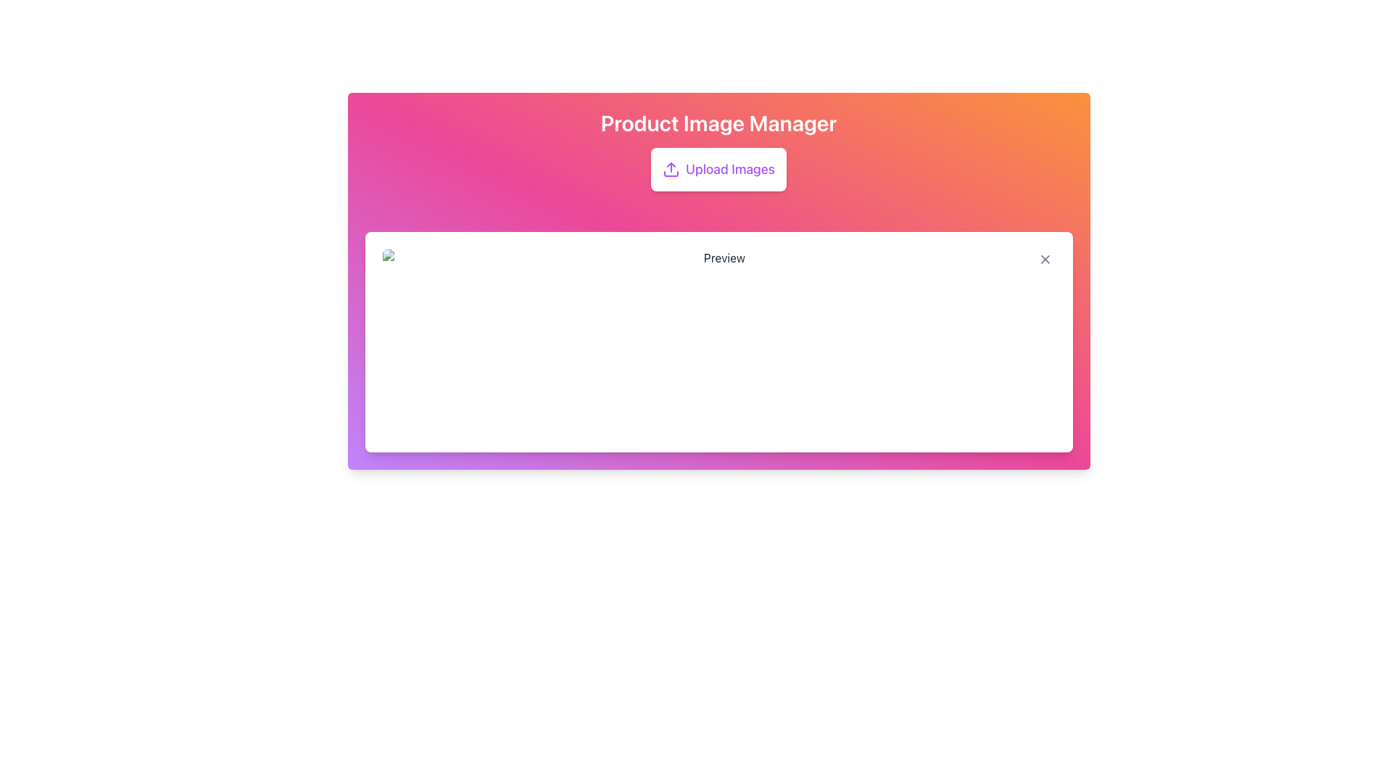  What do you see at coordinates (671, 169) in the screenshot?
I see `the upload icon, which is a purple vector icon with an upward arrow above a horizontal line, located within the 'Upload Images' button` at bounding box center [671, 169].